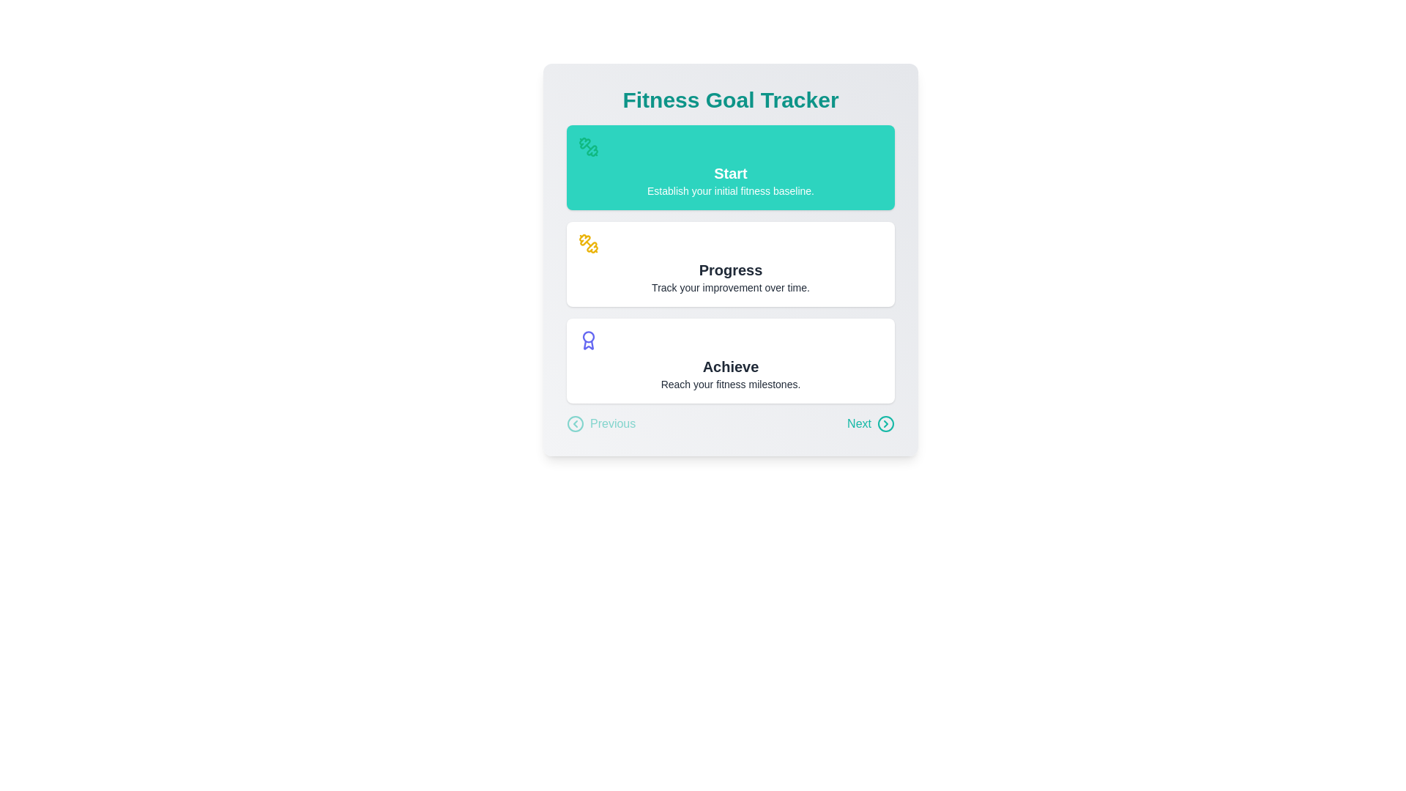 This screenshot has width=1406, height=791. Describe the element at coordinates (589, 341) in the screenshot. I see `the decorative 'award' icon located in the bottom right corner of the 'Achieve' card` at that location.